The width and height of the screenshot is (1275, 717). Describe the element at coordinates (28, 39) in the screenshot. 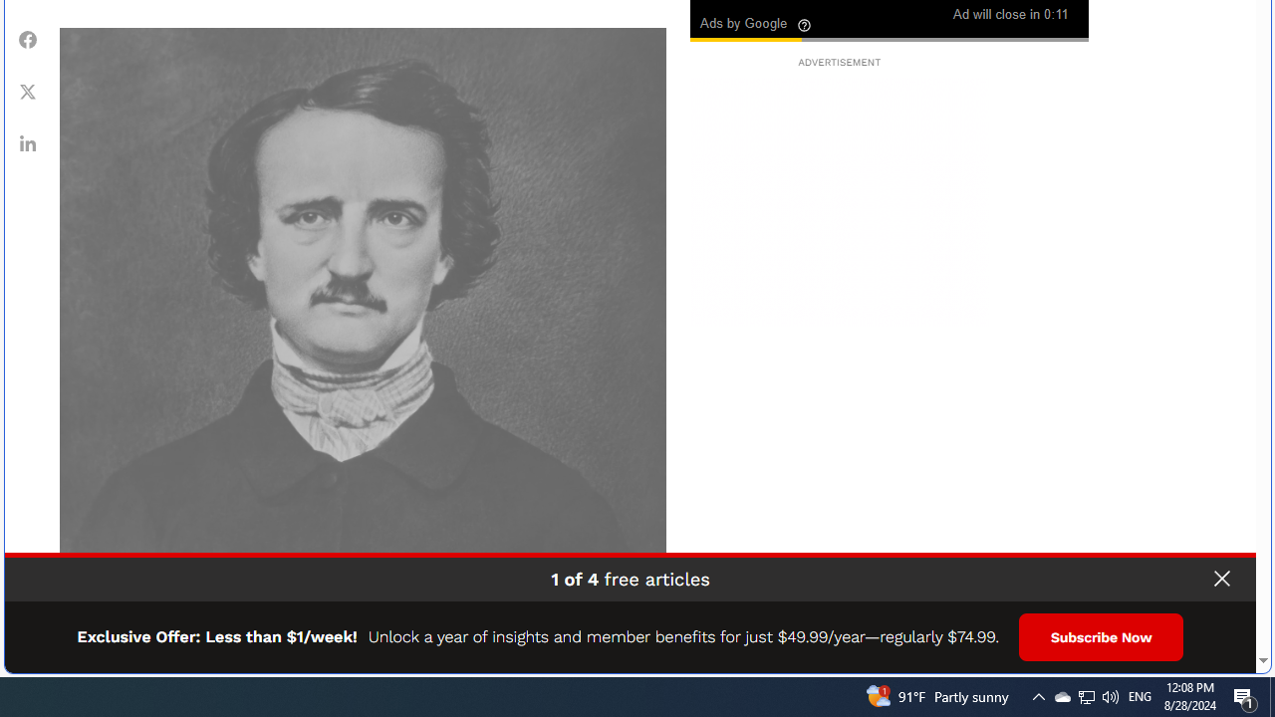

I see `'Share Facebook'` at that location.